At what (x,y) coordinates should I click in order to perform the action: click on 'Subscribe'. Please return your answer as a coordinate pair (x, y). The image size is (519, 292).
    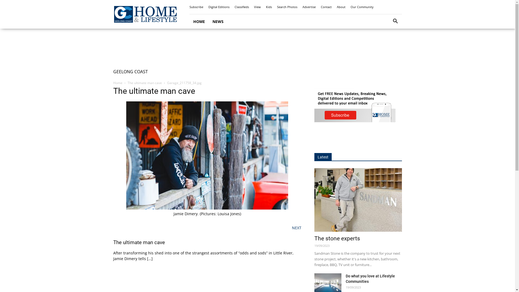
    Looking at the image, I should click on (196, 7).